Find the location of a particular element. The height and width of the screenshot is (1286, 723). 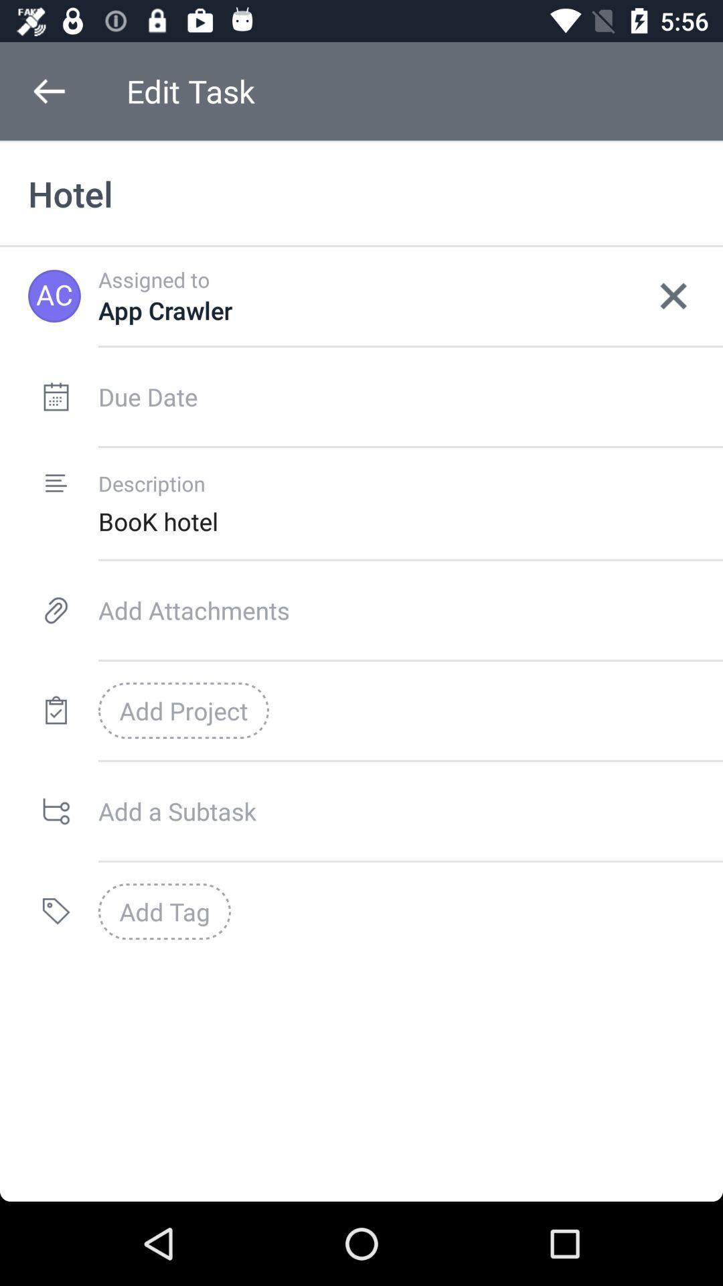

the icon to the left of the edit task icon is located at coordinates (48, 90).